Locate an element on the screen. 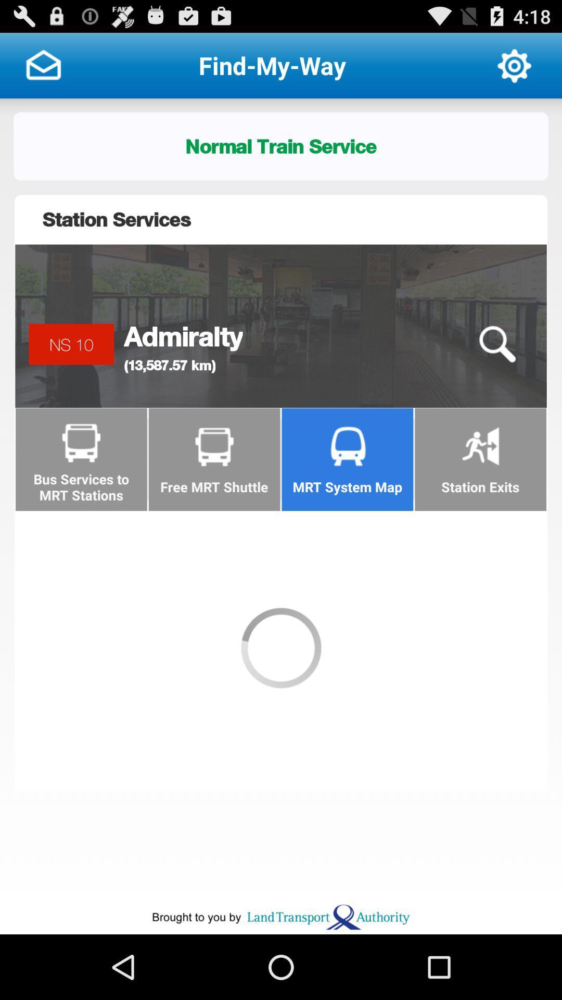 The width and height of the screenshot is (562, 1000). click on the message option is located at coordinates (43, 65).